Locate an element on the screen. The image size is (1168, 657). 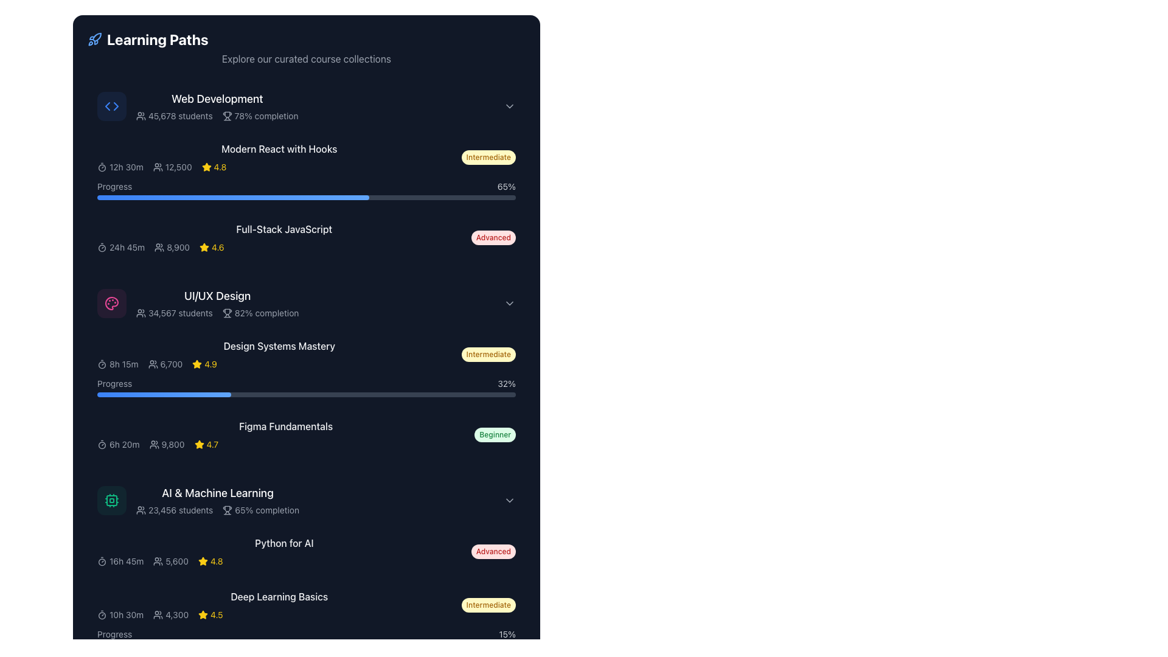
the rating display component that consists of a yellow star icon and the numeric rating value '4.7' in bold yellow text, located in the 'Figma Fundamentals' course section is located at coordinates (206, 445).